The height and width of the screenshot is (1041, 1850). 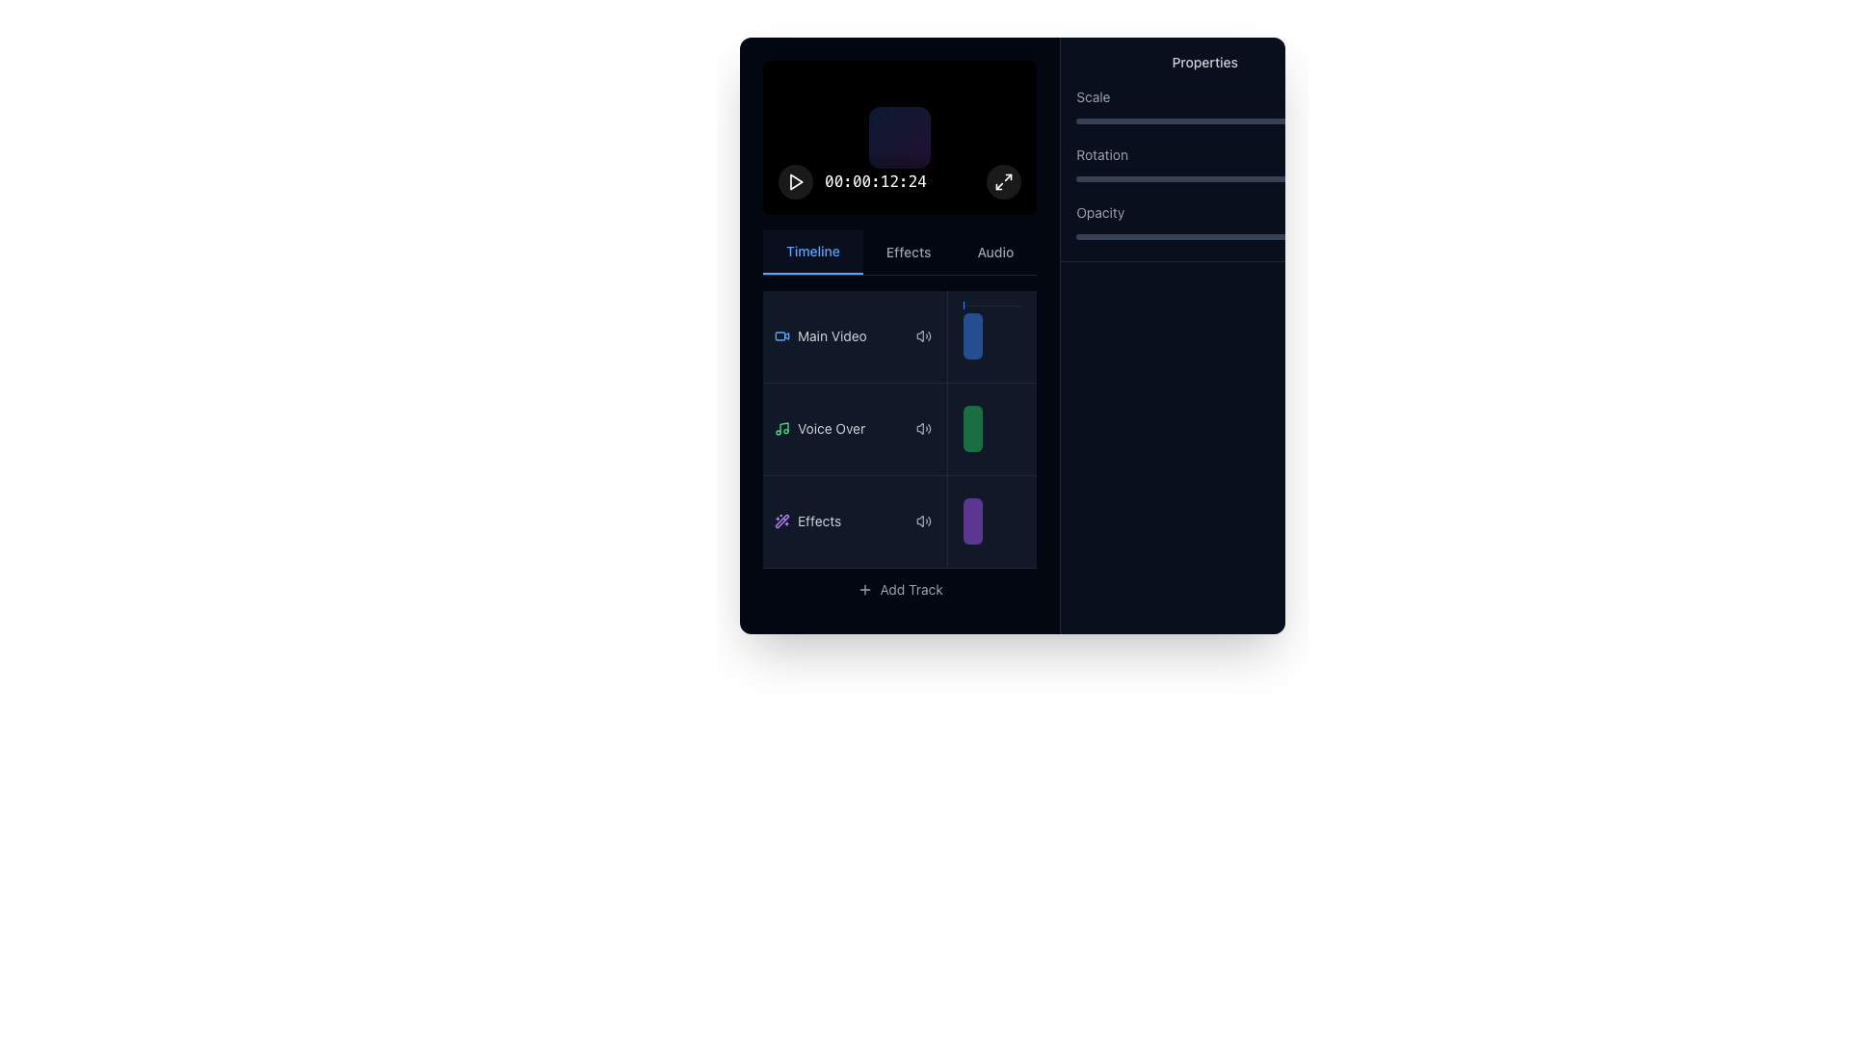 I want to click on the audio icon button located to the right of the 'Effects' track in the timeline view, so click(x=923, y=520).